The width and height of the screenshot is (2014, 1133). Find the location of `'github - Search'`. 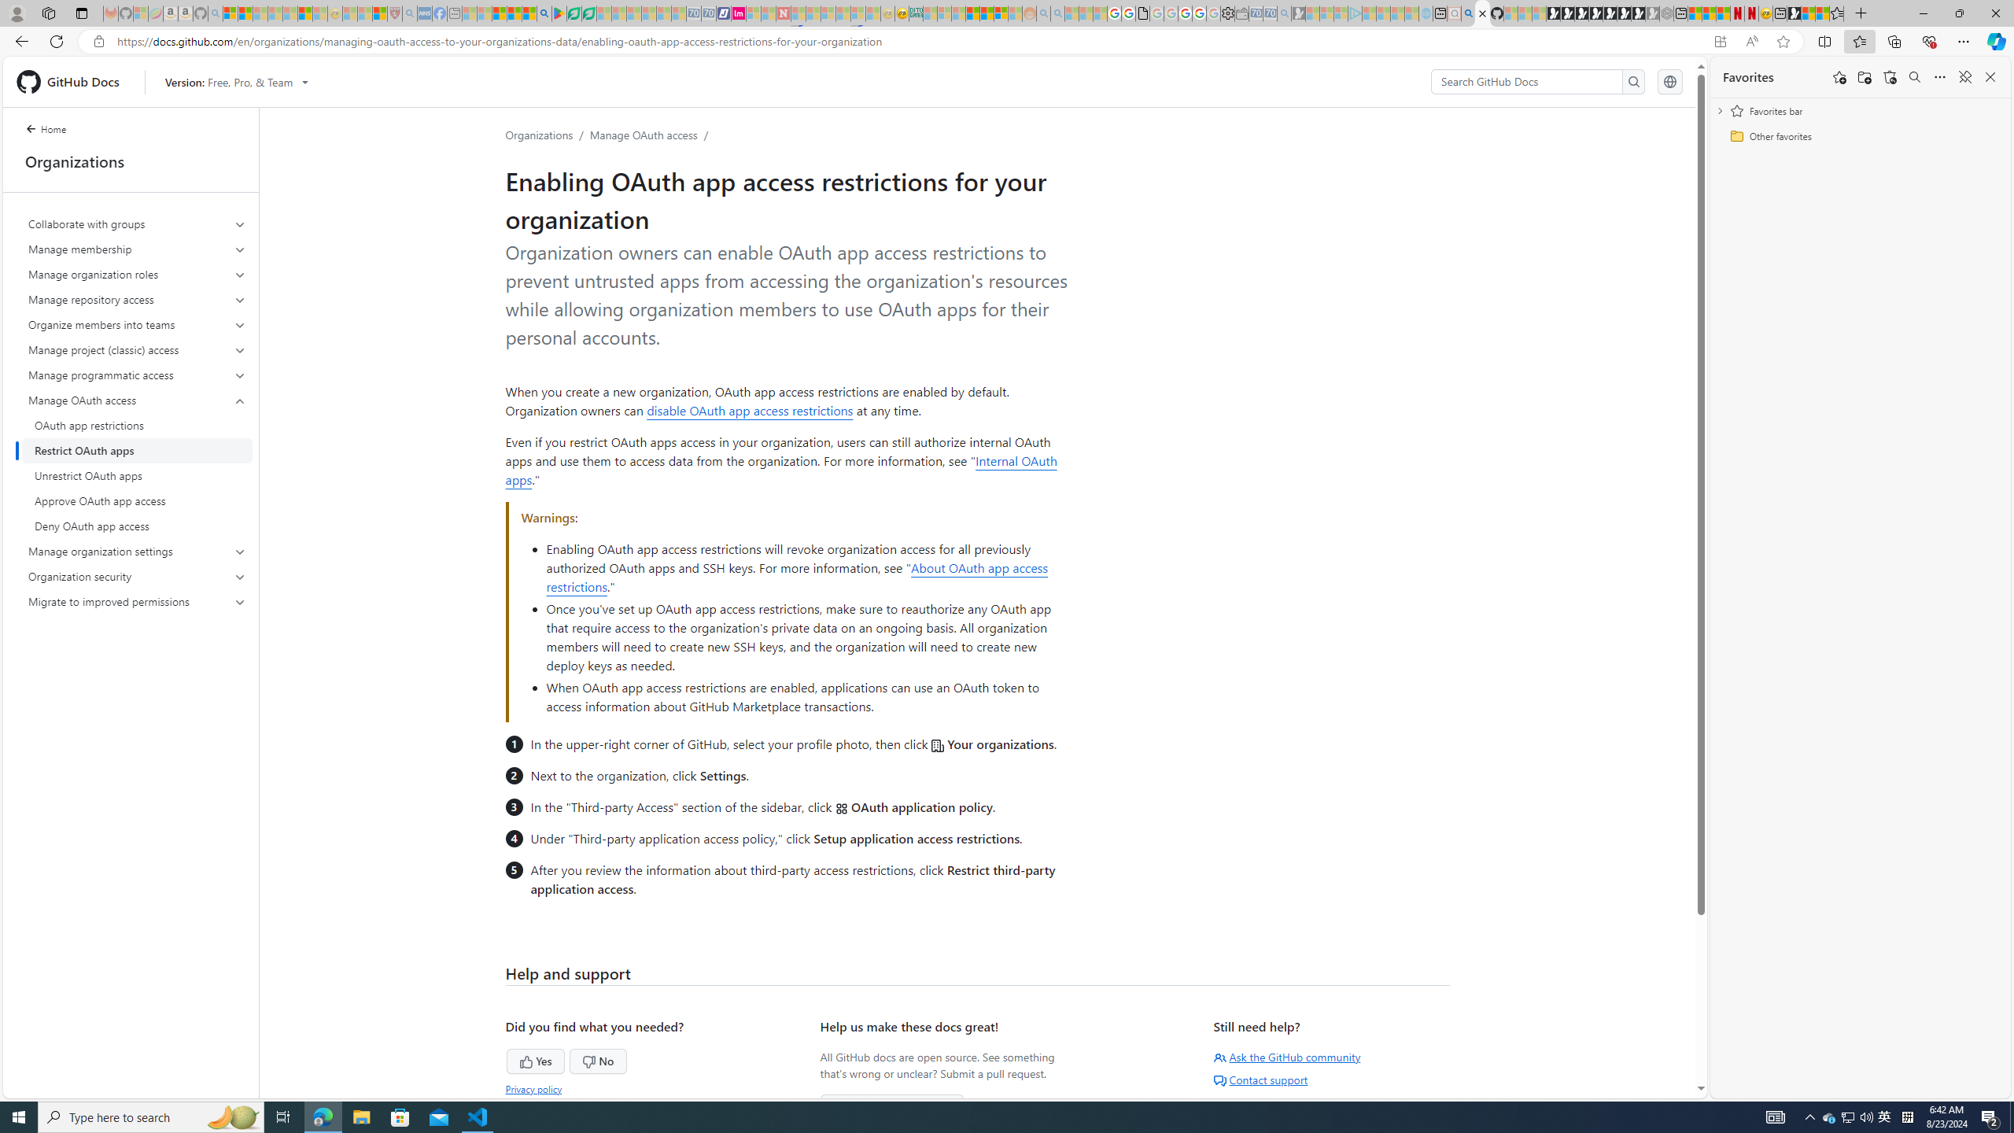

'github - Search' is located at coordinates (1468, 13).